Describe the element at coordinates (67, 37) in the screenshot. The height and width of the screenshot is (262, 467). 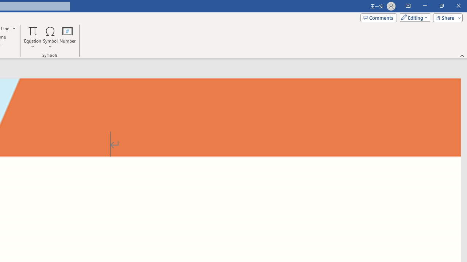
I see `'Number...'` at that location.